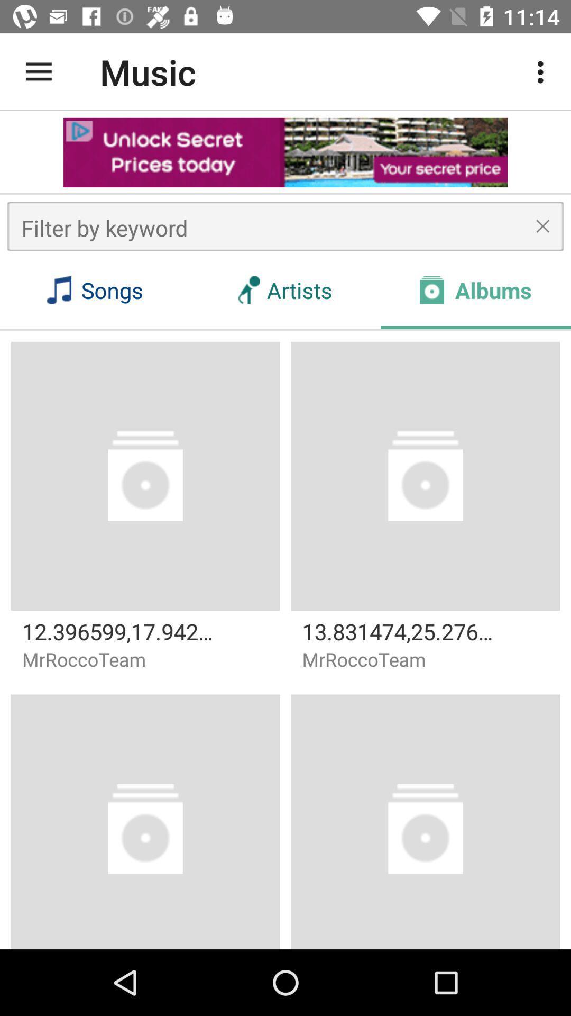 The image size is (571, 1016). Describe the element at coordinates (542, 225) in the screenshot. I see `close` at that location.